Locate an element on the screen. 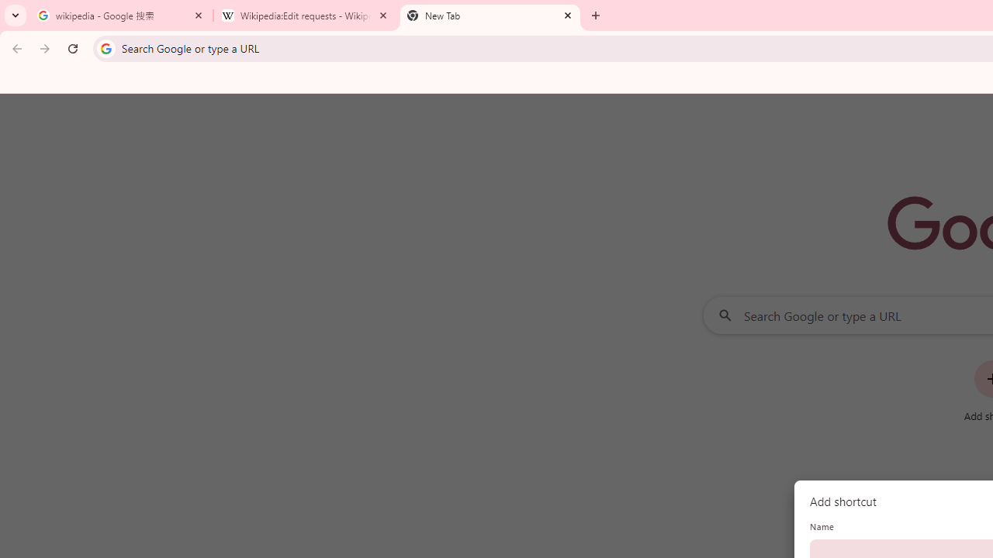  'System' is located at coordinates (8, 9).